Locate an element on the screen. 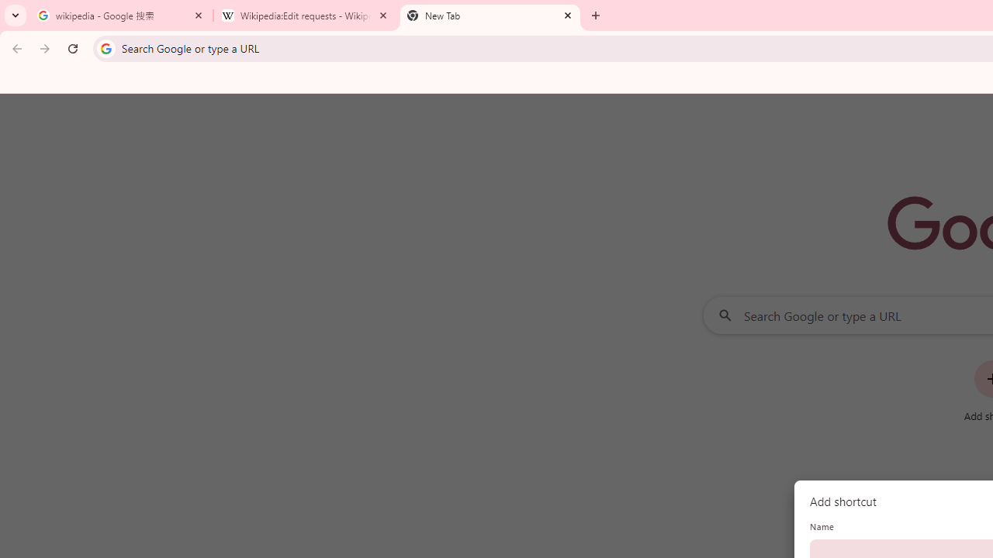  'System' is located at coordinates (8, 9).